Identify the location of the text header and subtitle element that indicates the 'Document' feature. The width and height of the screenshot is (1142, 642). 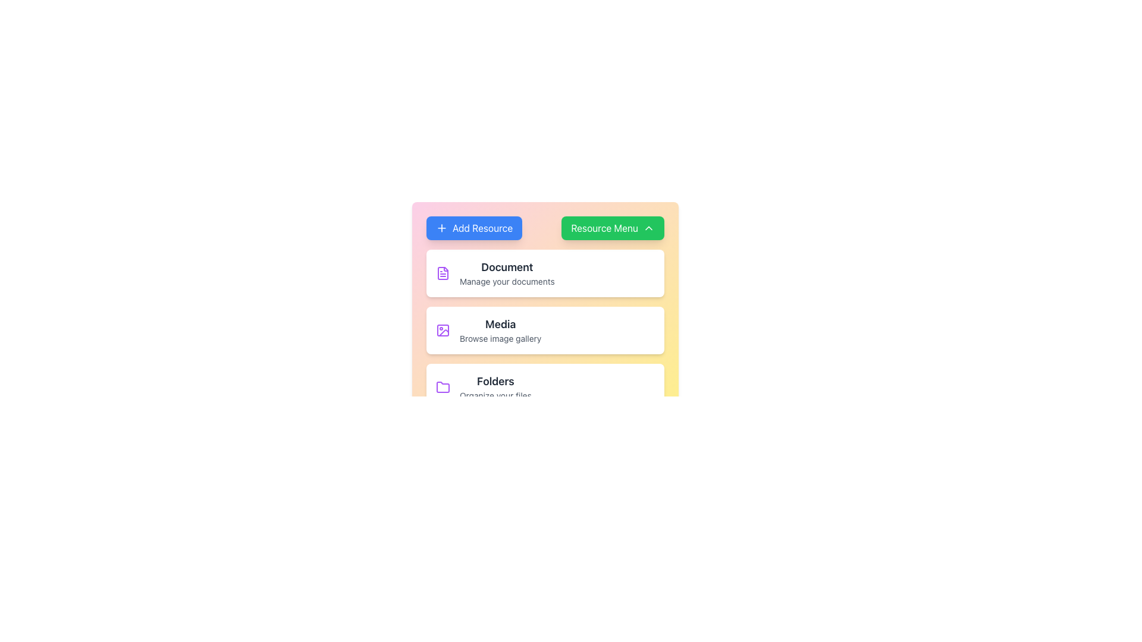
(507, 273).